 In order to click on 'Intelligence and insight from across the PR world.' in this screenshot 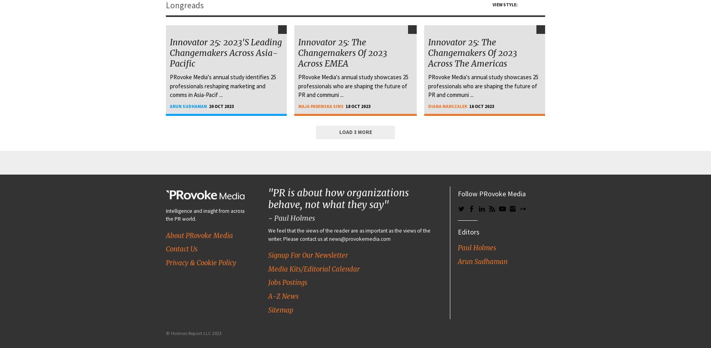, I will do `click(205, 214)`.